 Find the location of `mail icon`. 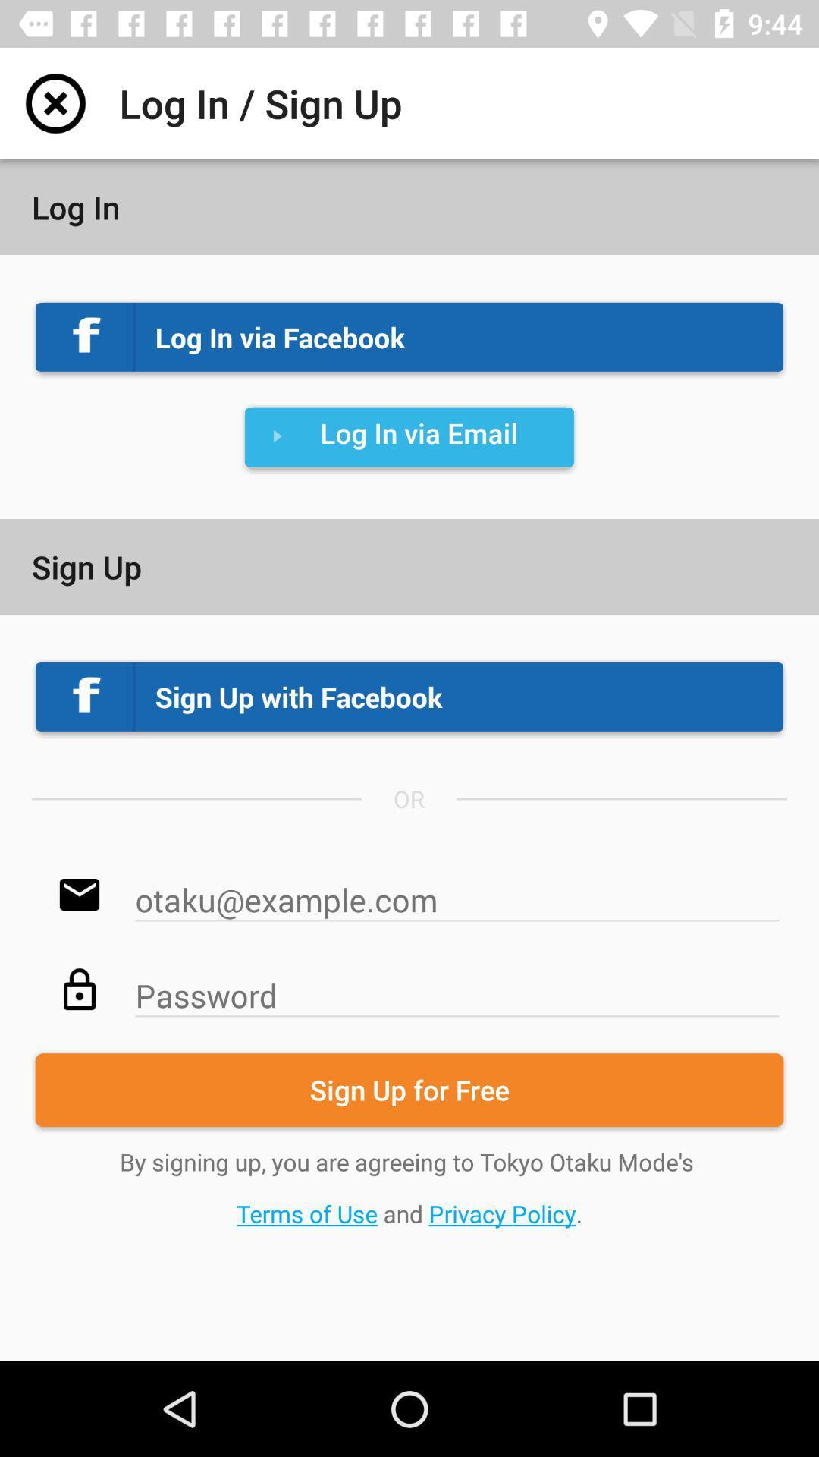

mail icon is located at coordinates (456, 892).